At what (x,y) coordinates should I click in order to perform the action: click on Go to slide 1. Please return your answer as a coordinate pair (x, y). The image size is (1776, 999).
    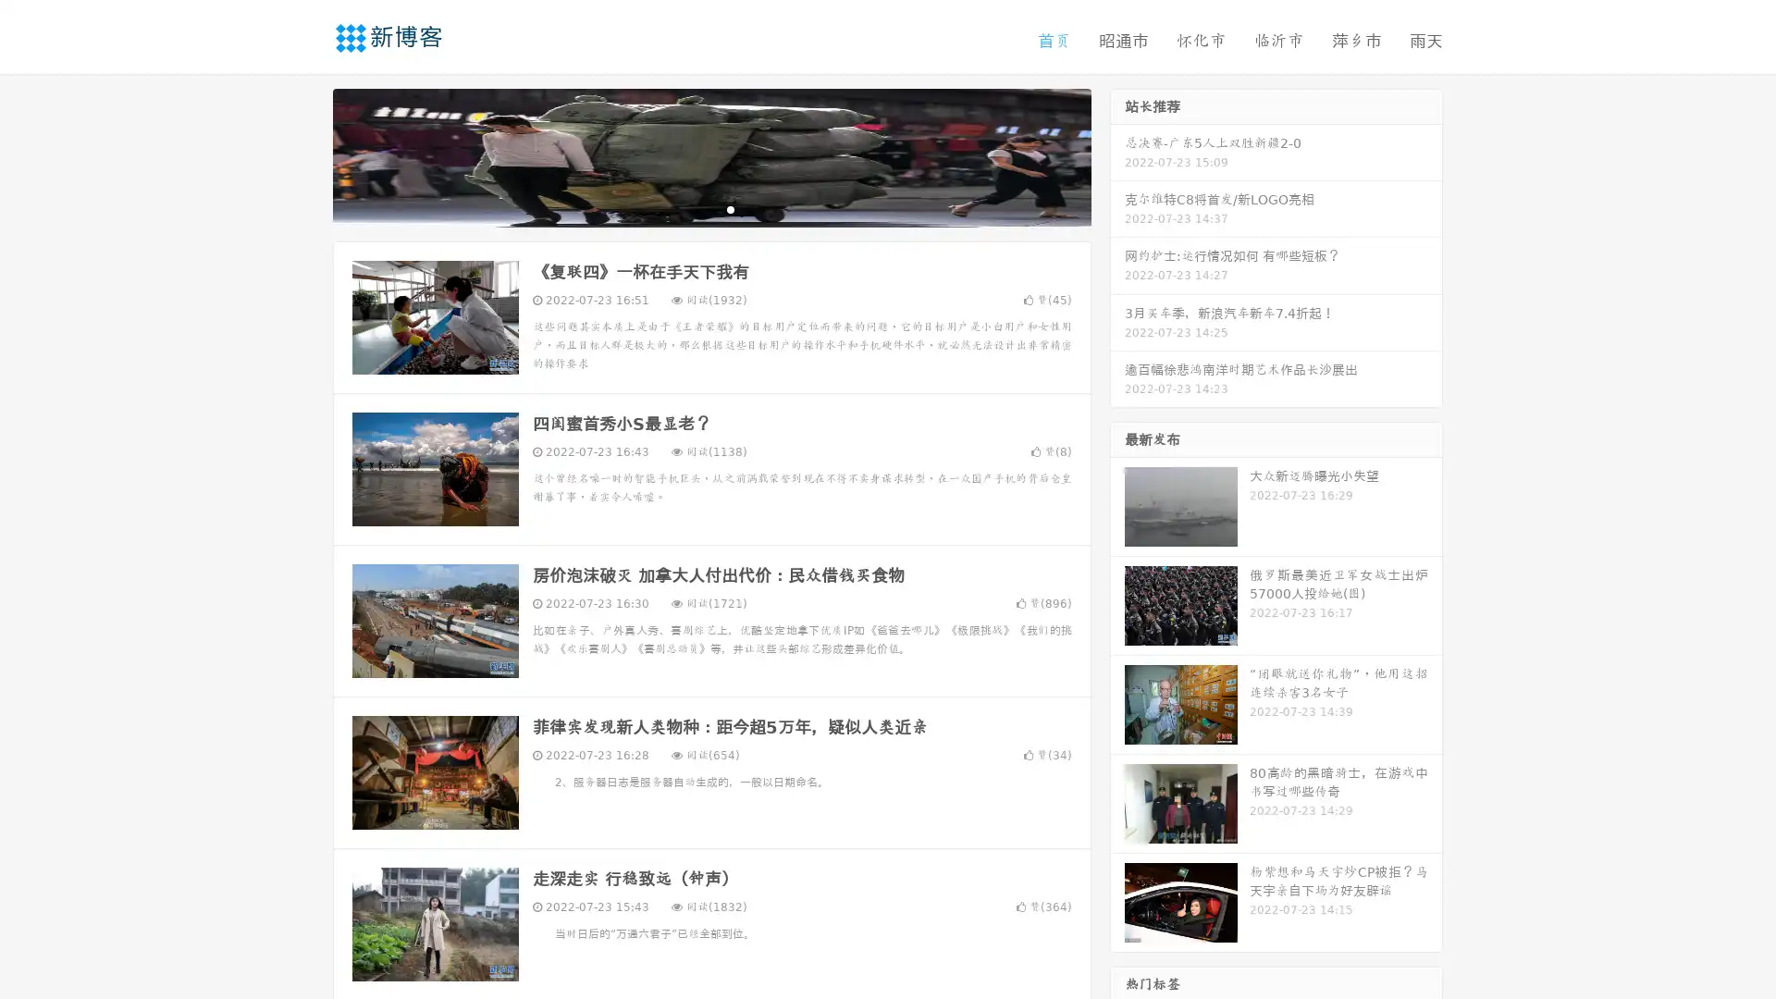
    Looking at the image, I should click on (692, 208).